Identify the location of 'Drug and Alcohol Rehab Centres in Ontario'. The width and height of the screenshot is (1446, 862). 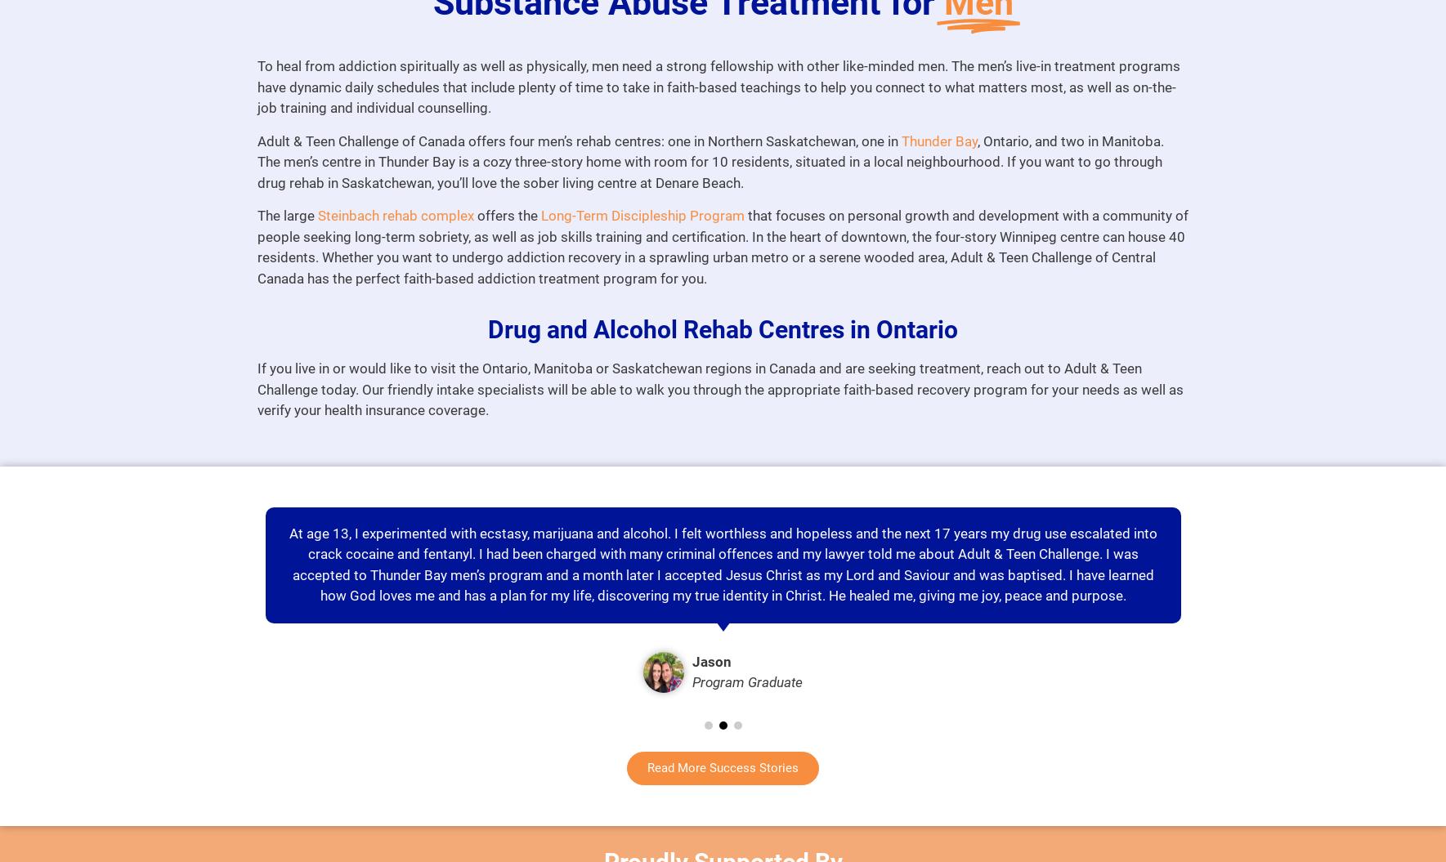
(722, 329).